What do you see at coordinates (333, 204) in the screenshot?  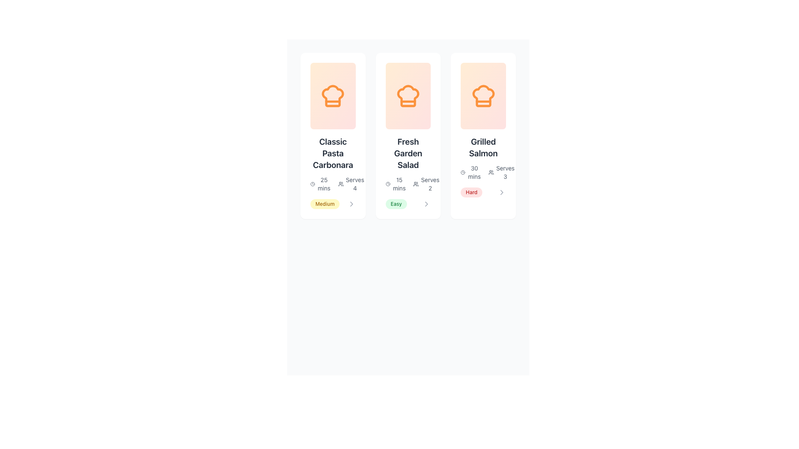 I see `the 'Medium' difficulty badge located within the 'Classic Pasta Carbonara' card, positioned directly below the text 'Serves 4'` at bounding box center [333, 204].